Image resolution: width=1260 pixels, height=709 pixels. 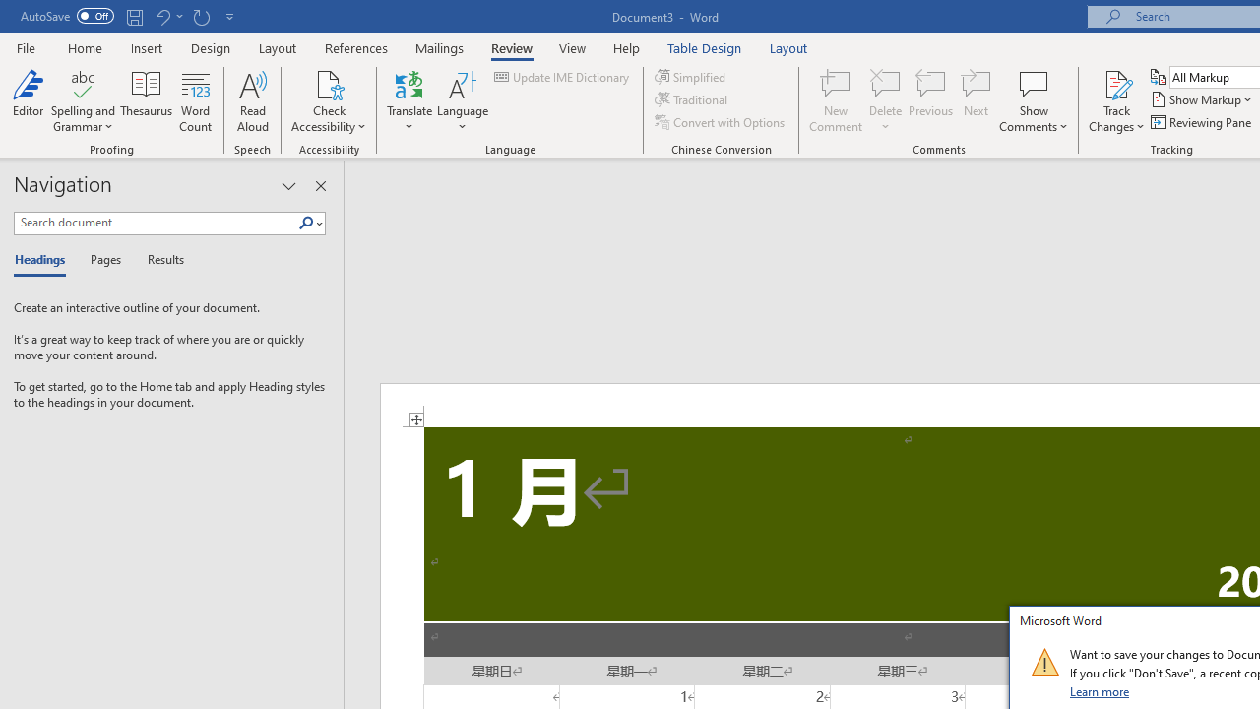 What do you see at coordinates (409, 101) in the screenshot?
I see `'Translate'` at bounding box center [409, 101].